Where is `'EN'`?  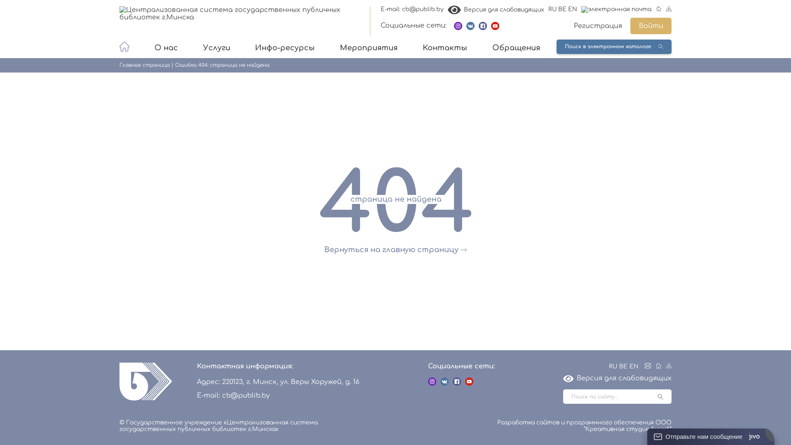 'EN' is located at coordinates (634, 366).